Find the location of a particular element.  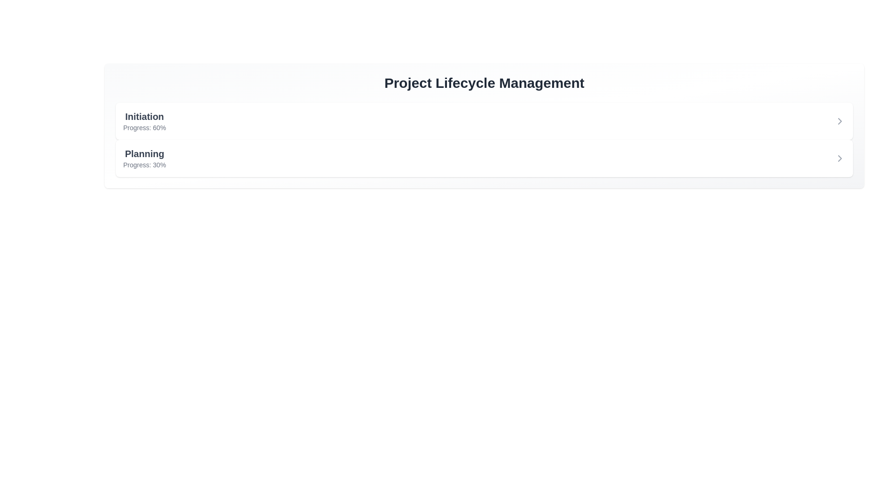

the right-facing chevron icon button located at the far right of the row displaying 'Initiation Progress: 60%' is located at coordinates (840, 121).